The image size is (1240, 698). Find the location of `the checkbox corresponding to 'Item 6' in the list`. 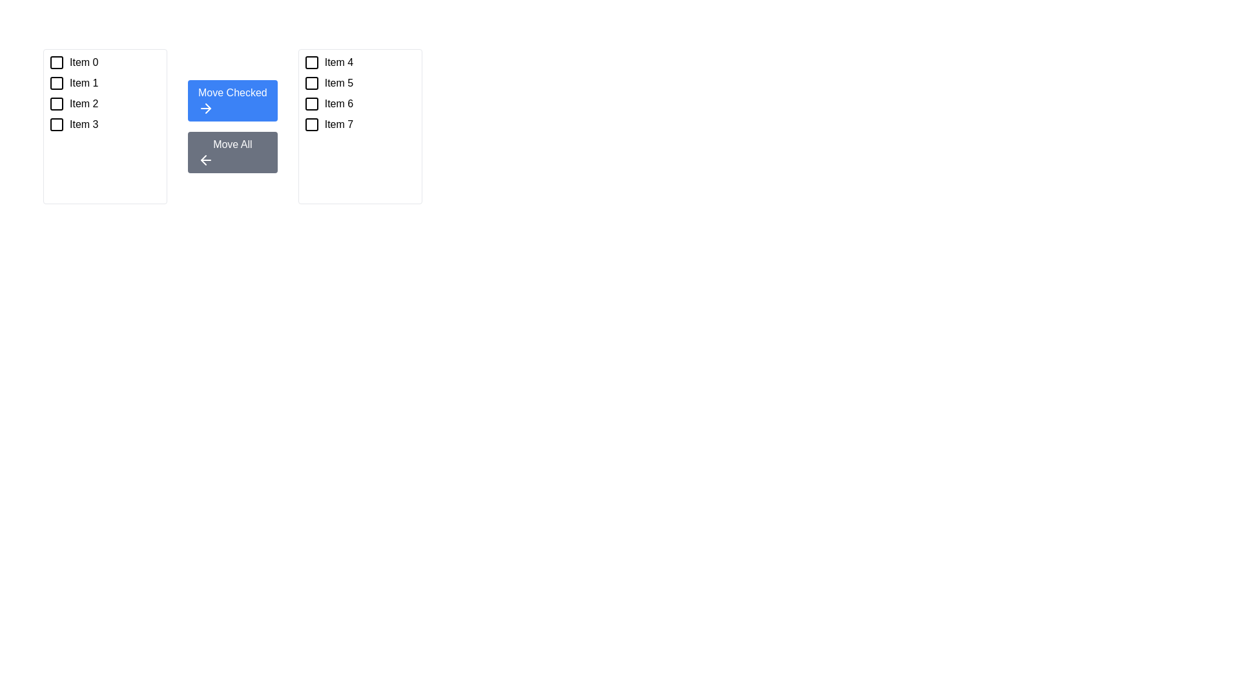

the checkbox corresponding to 'Item 6' in the list is located at coordinates (311, 103).